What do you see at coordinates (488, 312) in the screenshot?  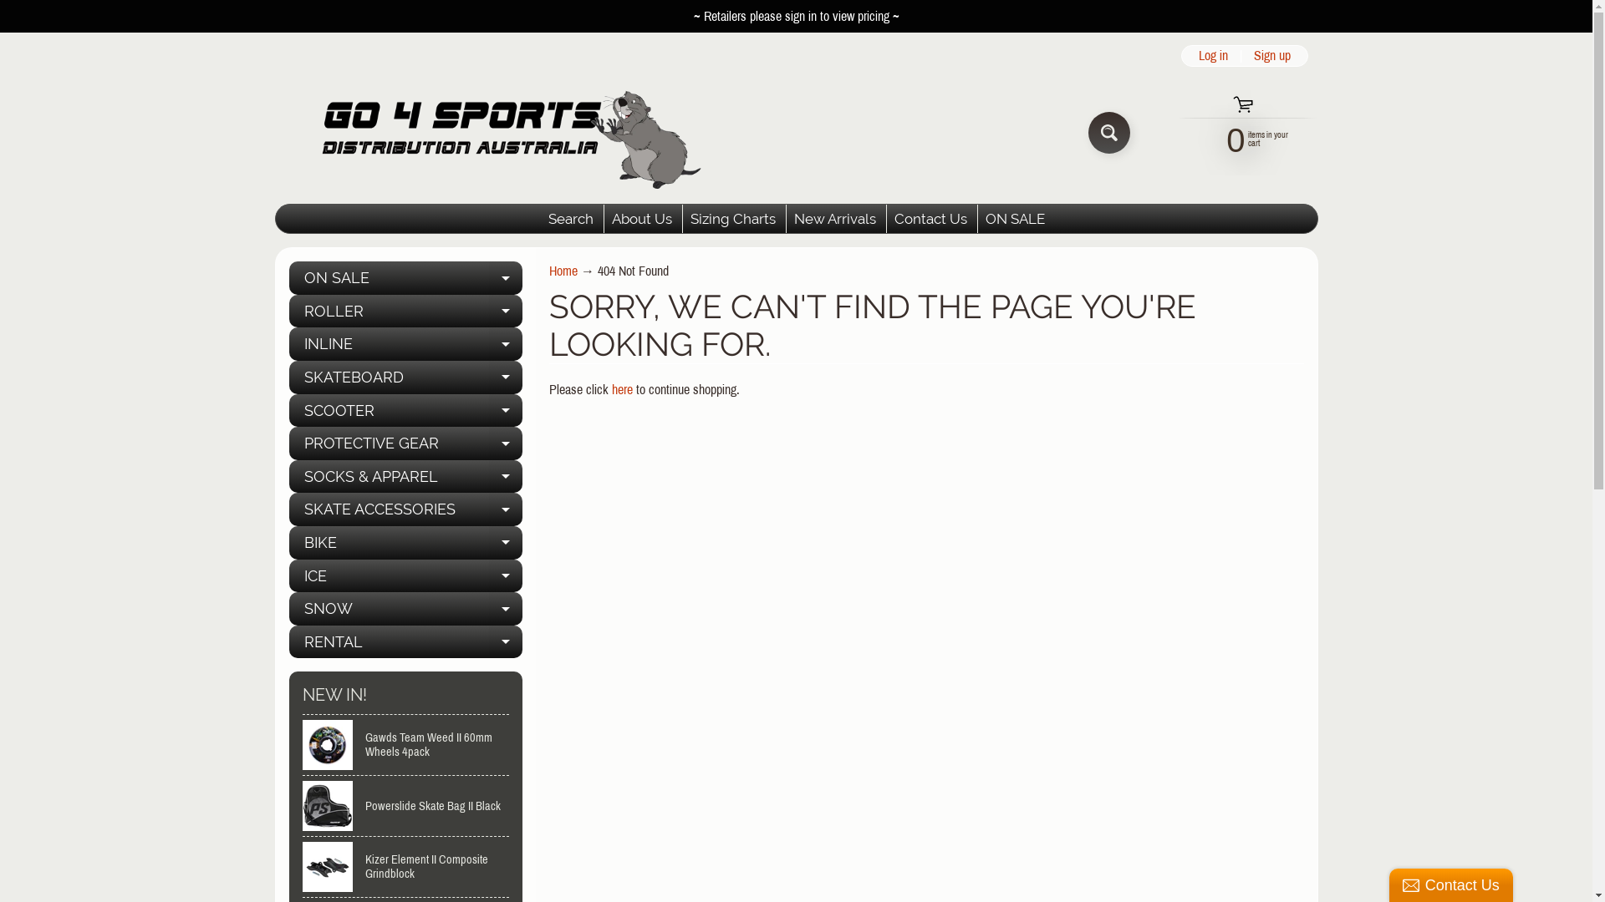 I see `'EXPAND CHILD MENU'` at bounding box center [488, 312].